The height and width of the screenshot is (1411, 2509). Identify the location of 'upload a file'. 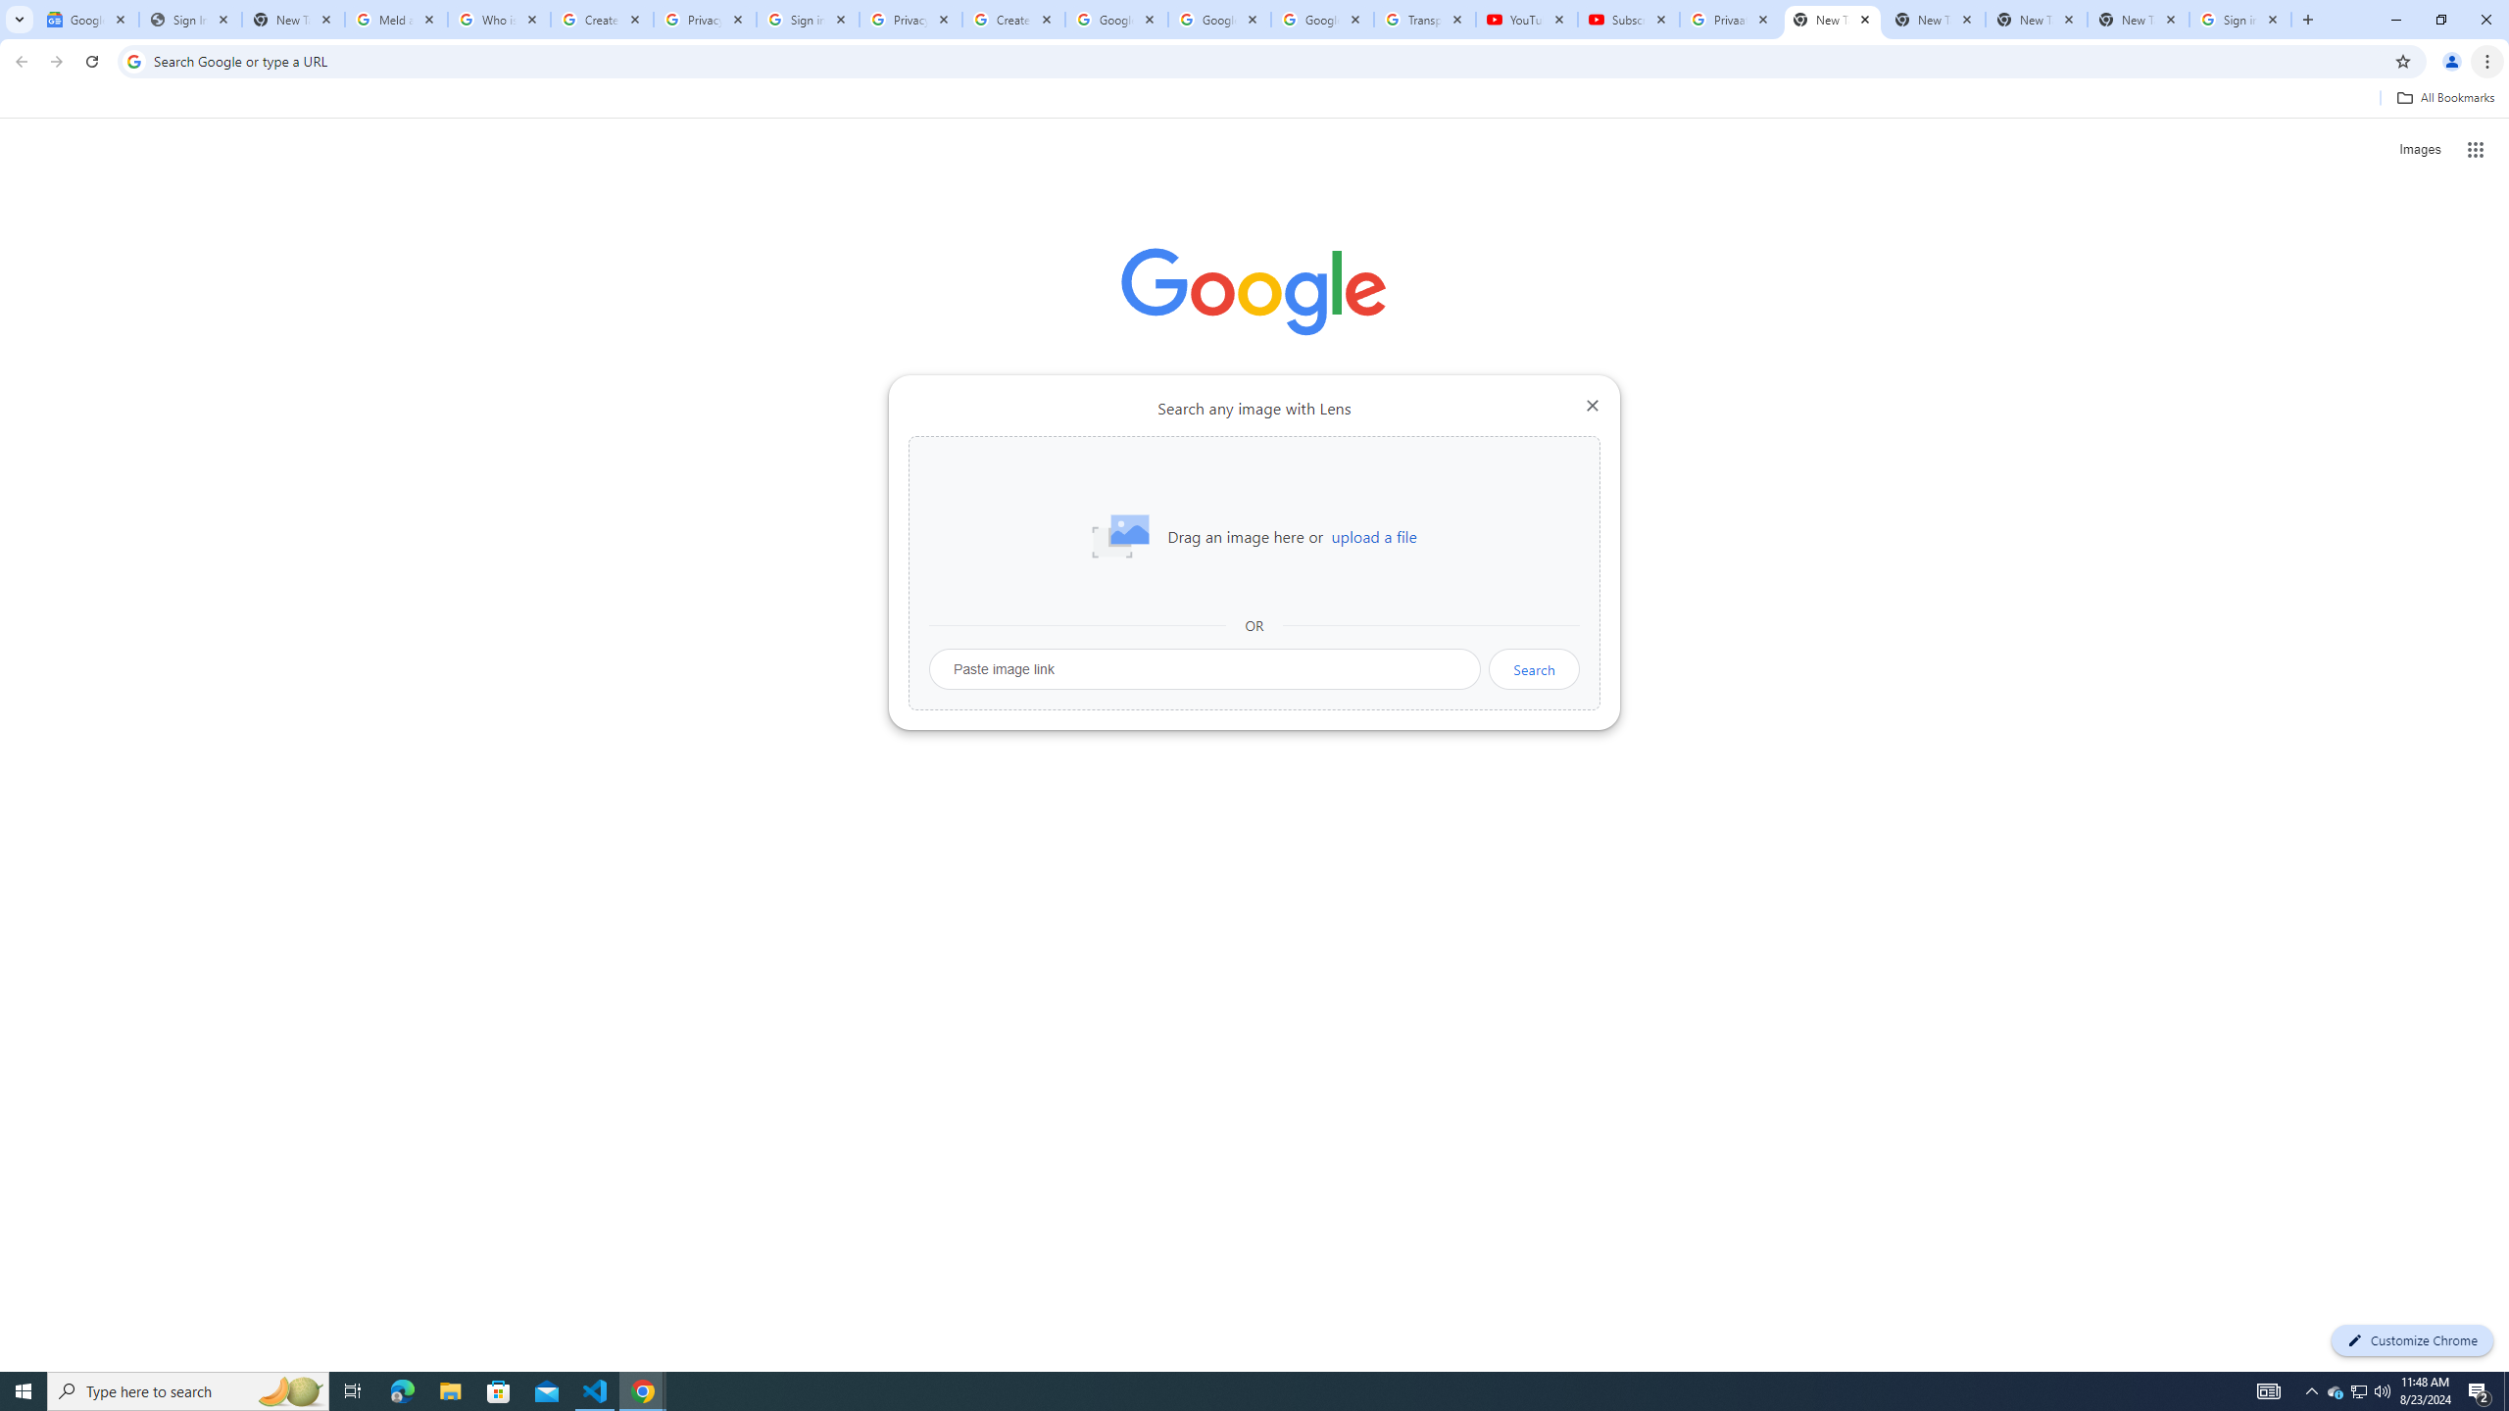
(1373, 536).